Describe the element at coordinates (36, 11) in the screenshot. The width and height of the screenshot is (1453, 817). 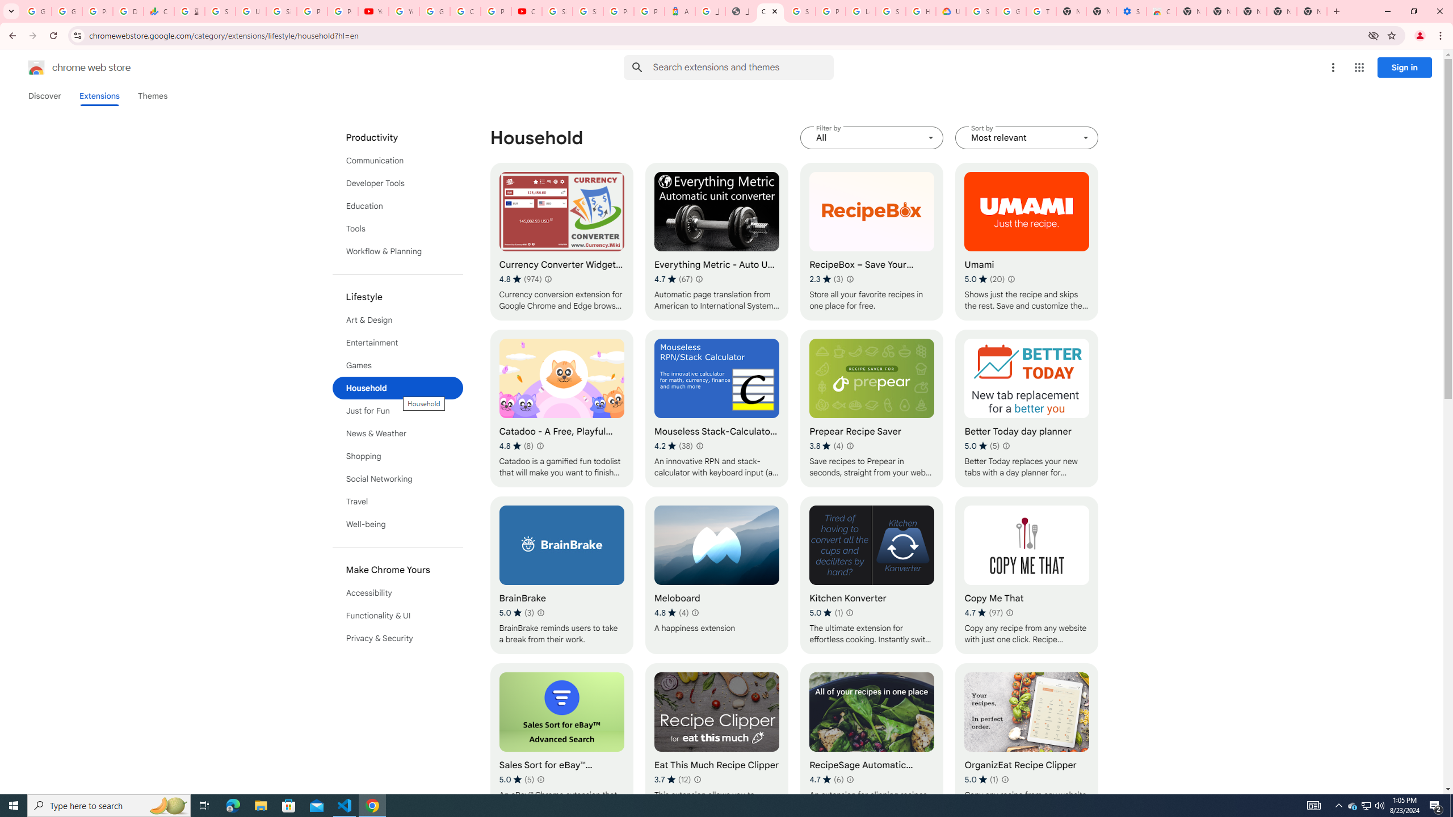
I see `'Google Workspace Admin Community'` at that location.